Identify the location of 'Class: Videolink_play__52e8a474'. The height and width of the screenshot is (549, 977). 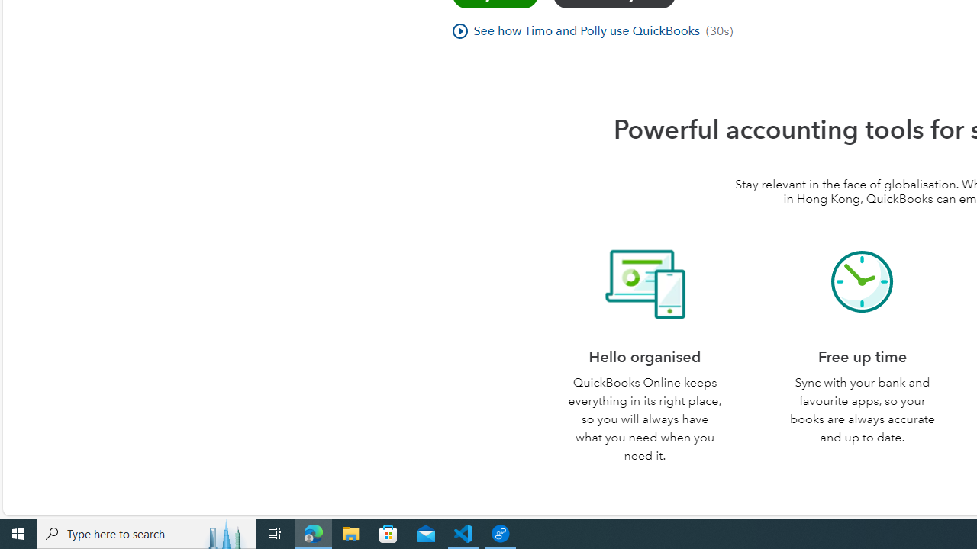
(459, 30).